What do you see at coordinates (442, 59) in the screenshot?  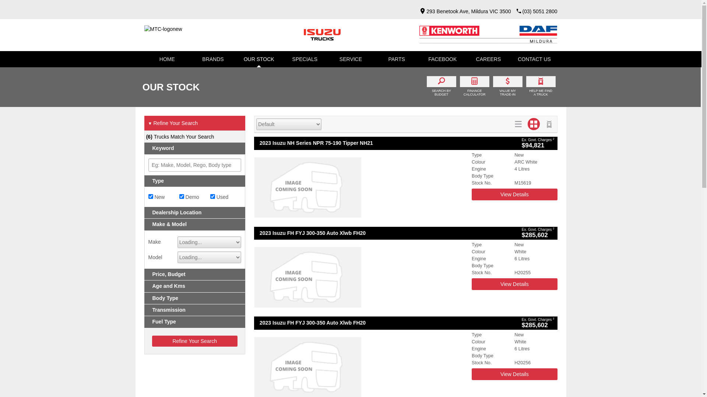 I see `'FACEBOOK'` at bounding box center [442, 59].